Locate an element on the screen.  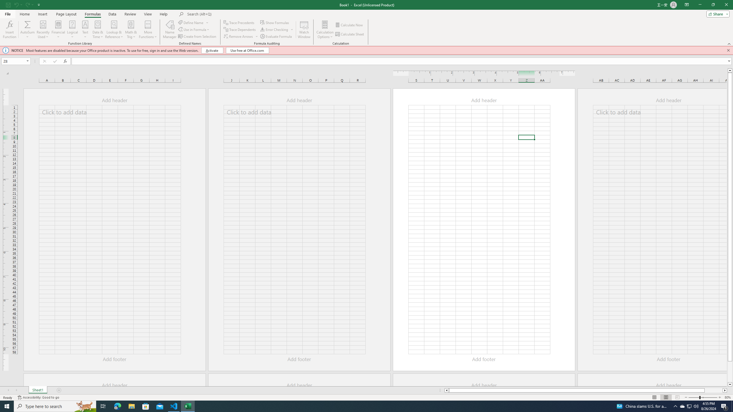
'Activate' is located at coordinates (212, 50).